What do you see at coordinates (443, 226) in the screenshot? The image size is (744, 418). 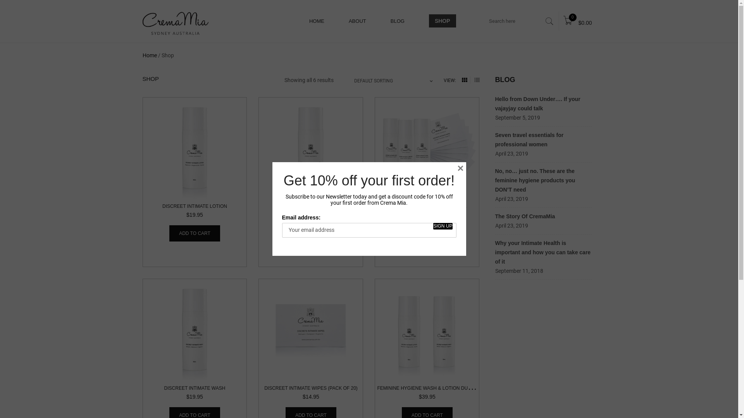 I see `'Sign up'` at bounding box center [443, 226].